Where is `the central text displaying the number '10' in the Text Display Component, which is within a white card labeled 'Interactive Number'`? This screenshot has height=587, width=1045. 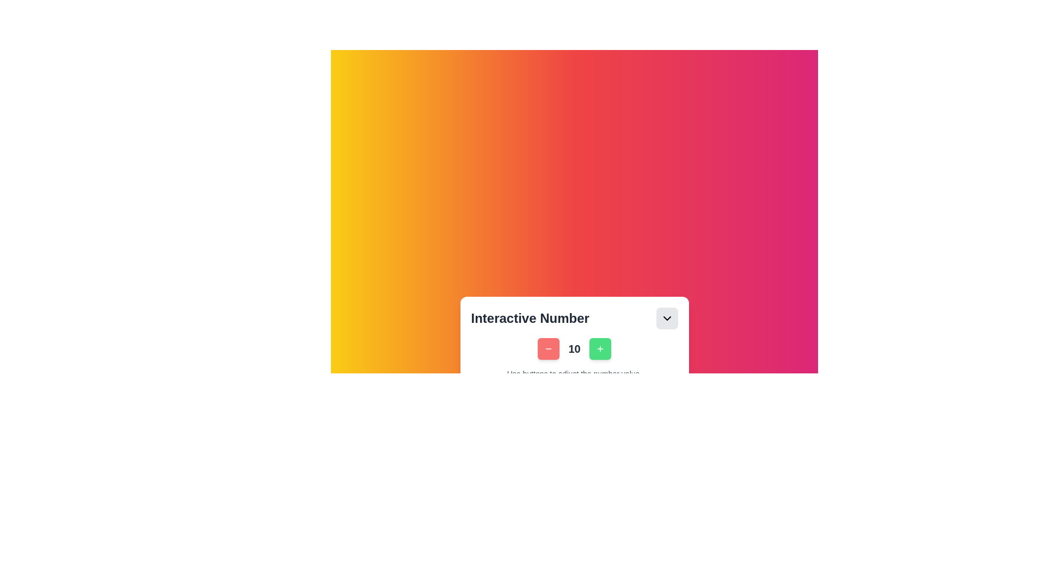
the central text displaying the number '10' in the Text Display Component, which is within a white card labeled 'Interactive Number' is located at coordinates (574, 344).